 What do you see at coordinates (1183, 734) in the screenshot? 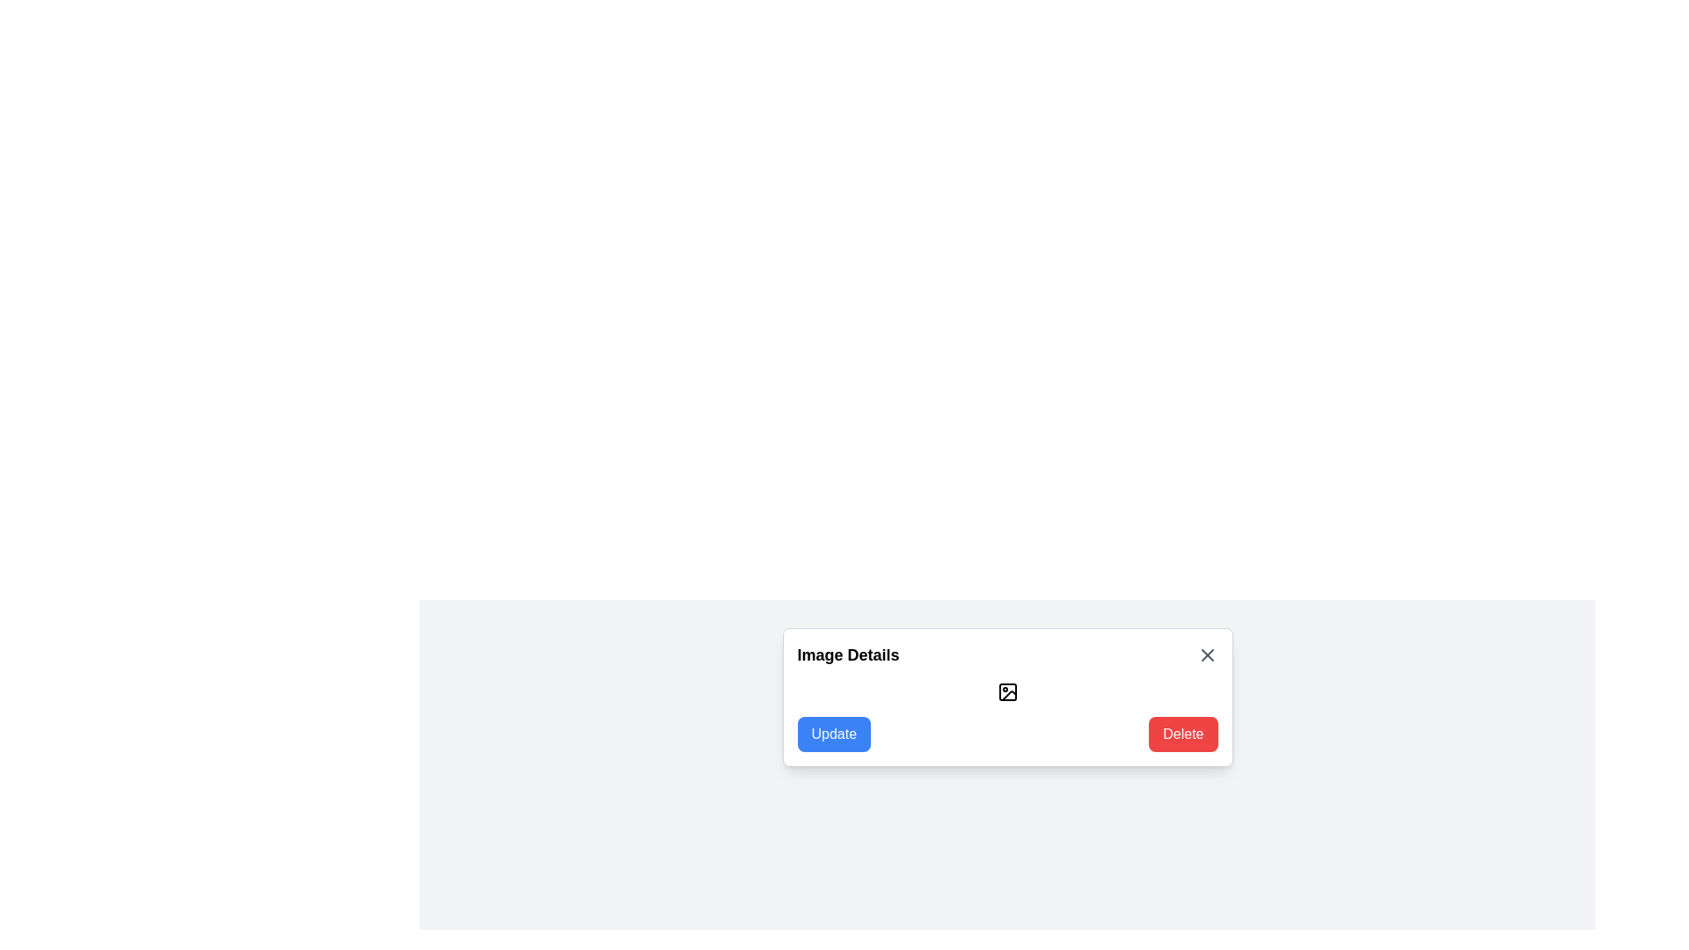
I see `the red rectangular 'Delete' button located in the bottom-right corner of the 'Image Details' modal dialog` at bounding box center [1183, 734].